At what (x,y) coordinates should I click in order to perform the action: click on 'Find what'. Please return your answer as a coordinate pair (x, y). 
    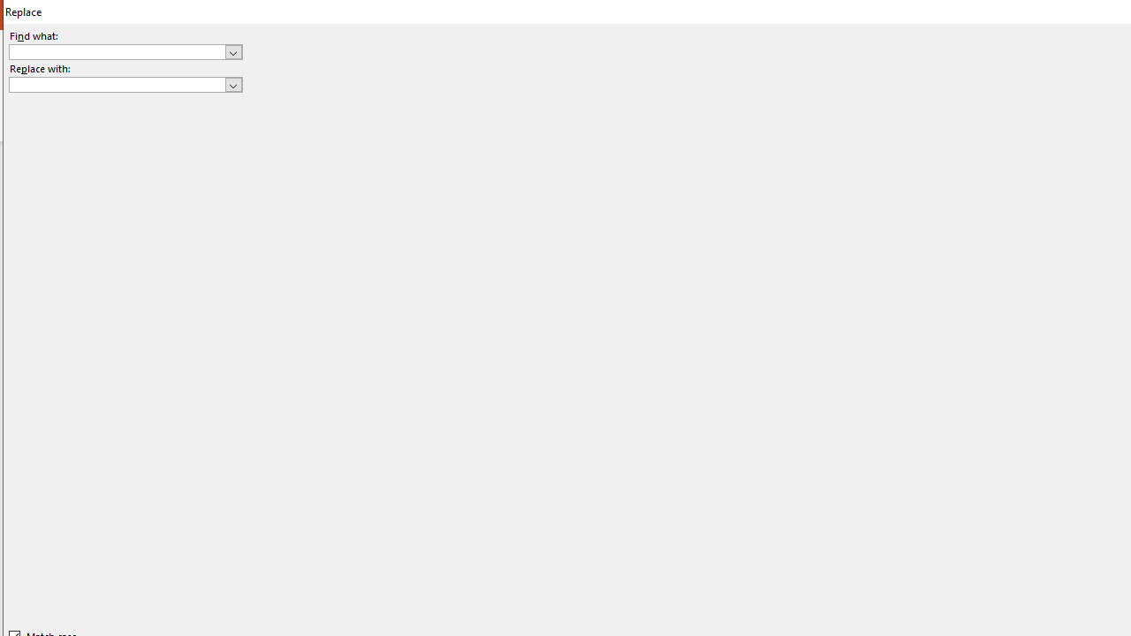
    Looking at the image, I should click on (125, 50).